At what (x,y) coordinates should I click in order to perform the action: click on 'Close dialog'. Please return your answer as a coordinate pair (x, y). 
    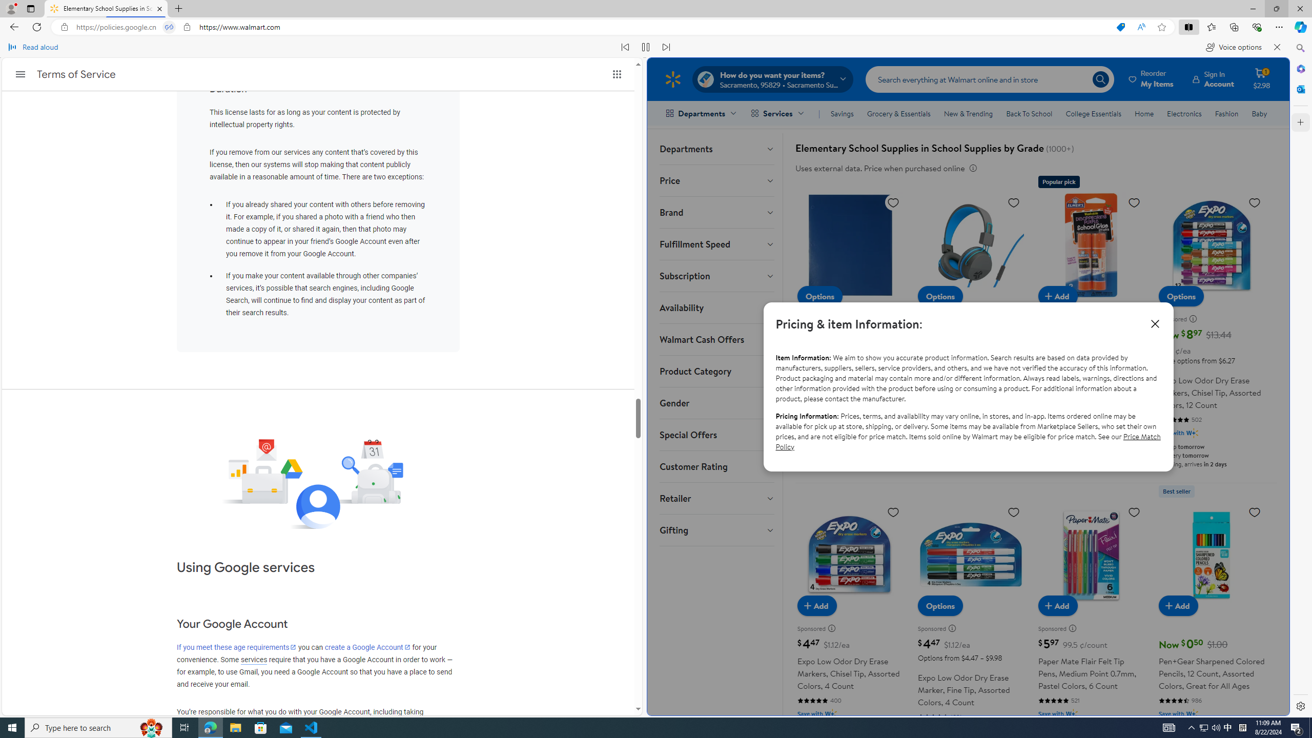
    Looking at the image, I should click on (1154, 323).